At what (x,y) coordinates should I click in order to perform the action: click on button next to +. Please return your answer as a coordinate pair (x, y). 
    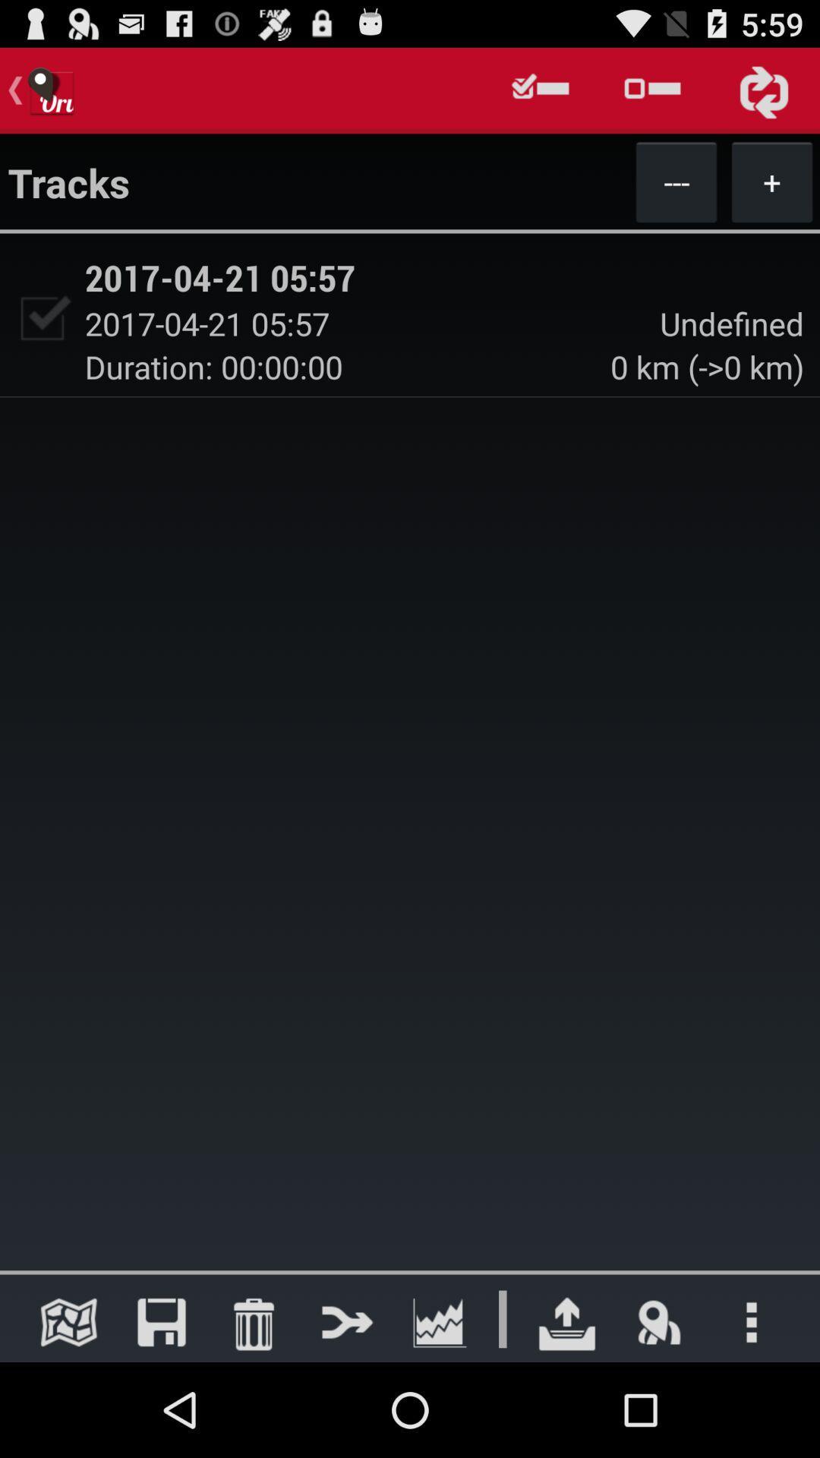
    Looking at the image, I should click on (676, 181).